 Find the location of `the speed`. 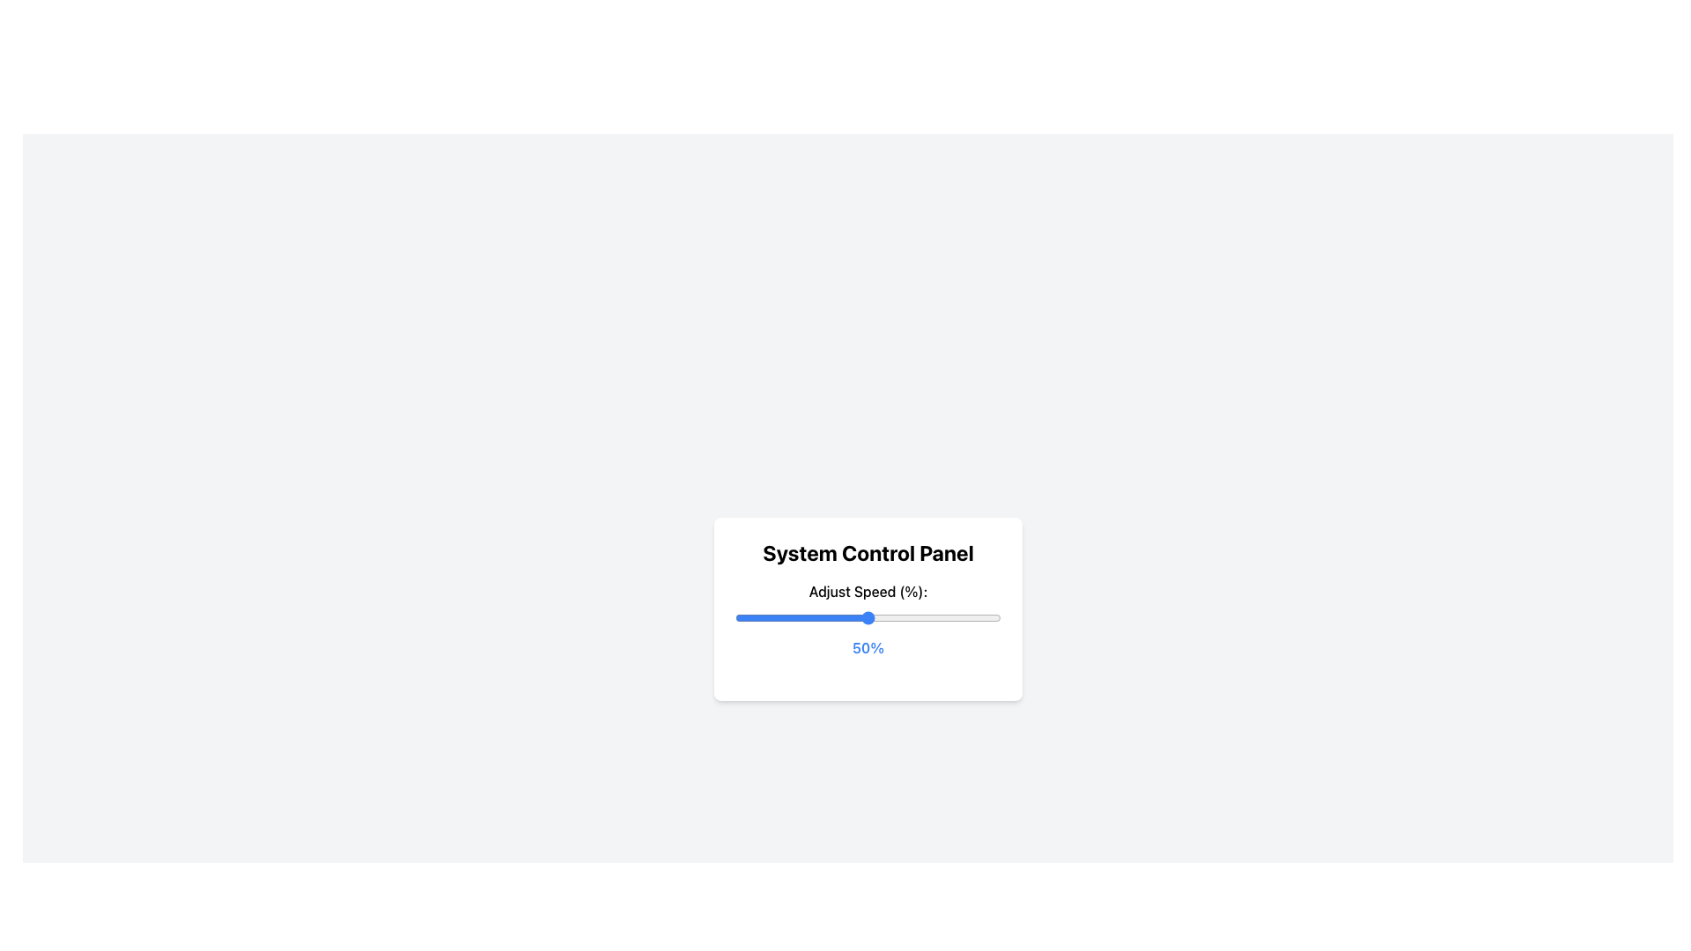

the speed is located at coordinates (882, 617).